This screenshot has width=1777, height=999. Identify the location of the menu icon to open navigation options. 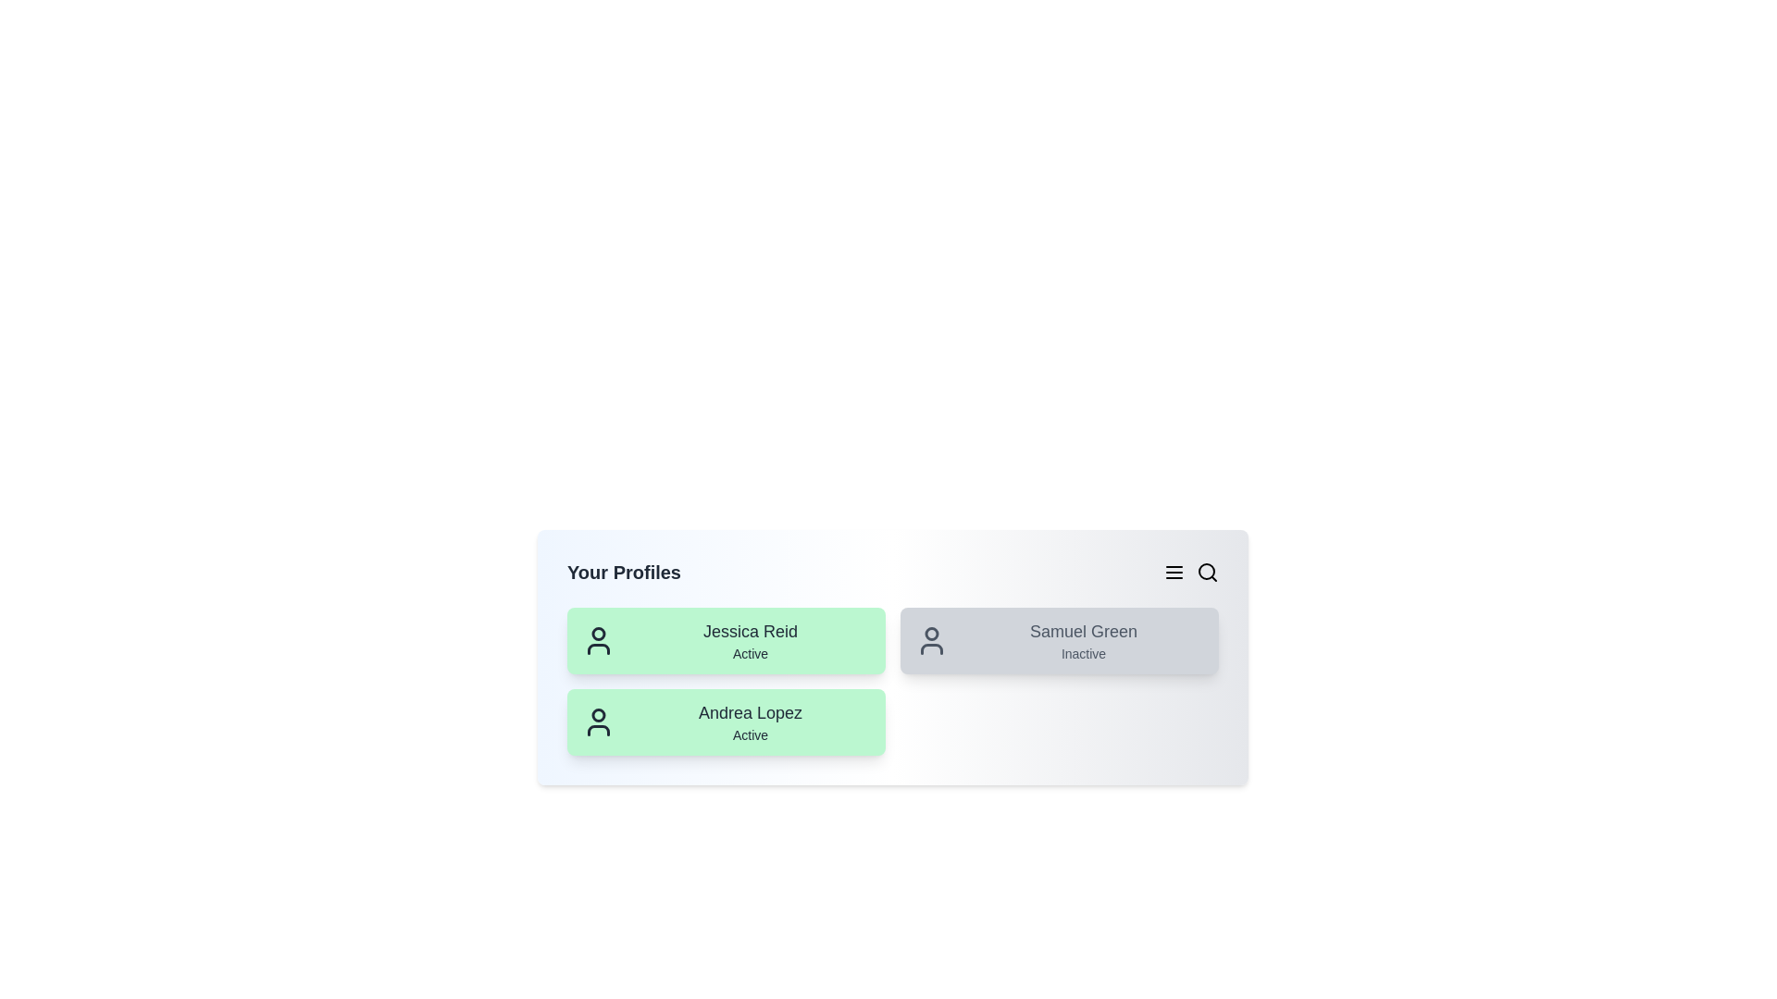
(1173, 571).